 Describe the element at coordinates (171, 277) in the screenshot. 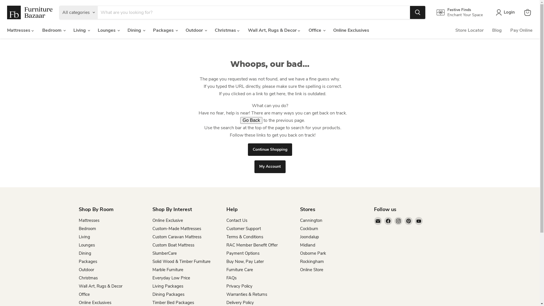

I see `'Everyday Low Price'` at that location.